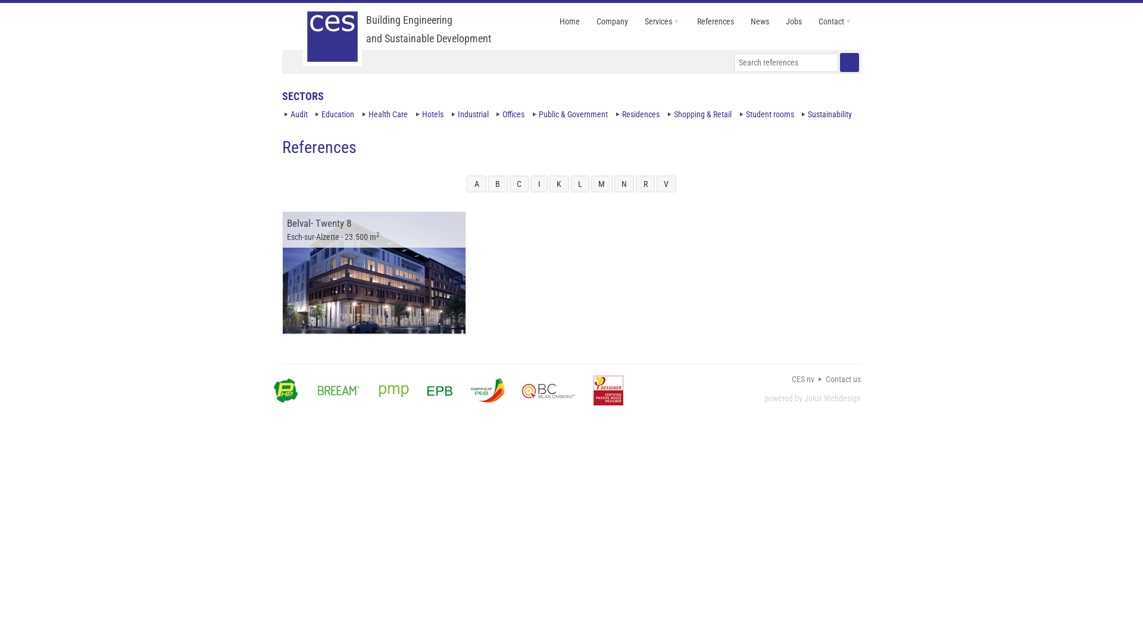 The image size is (1143, 643). Describe the element at coordinates (759, 21) in the screenshot. I see `'News'` at that location.